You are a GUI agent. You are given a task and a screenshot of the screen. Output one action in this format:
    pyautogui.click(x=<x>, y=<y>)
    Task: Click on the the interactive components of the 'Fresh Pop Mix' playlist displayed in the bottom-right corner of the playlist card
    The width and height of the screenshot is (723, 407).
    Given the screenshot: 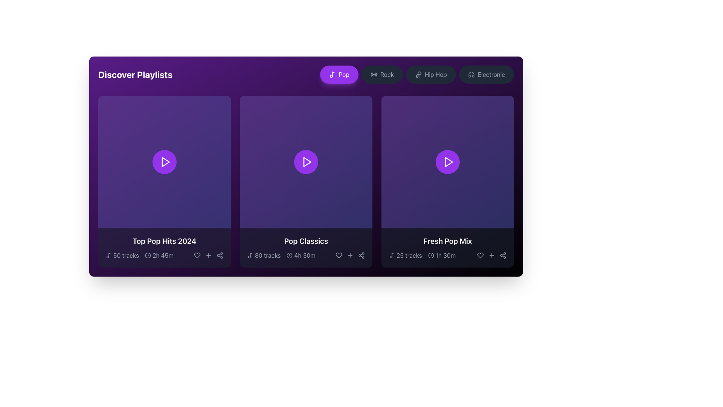 What is the action you would take?
    pyautogui.click(x=448, y=248)
    